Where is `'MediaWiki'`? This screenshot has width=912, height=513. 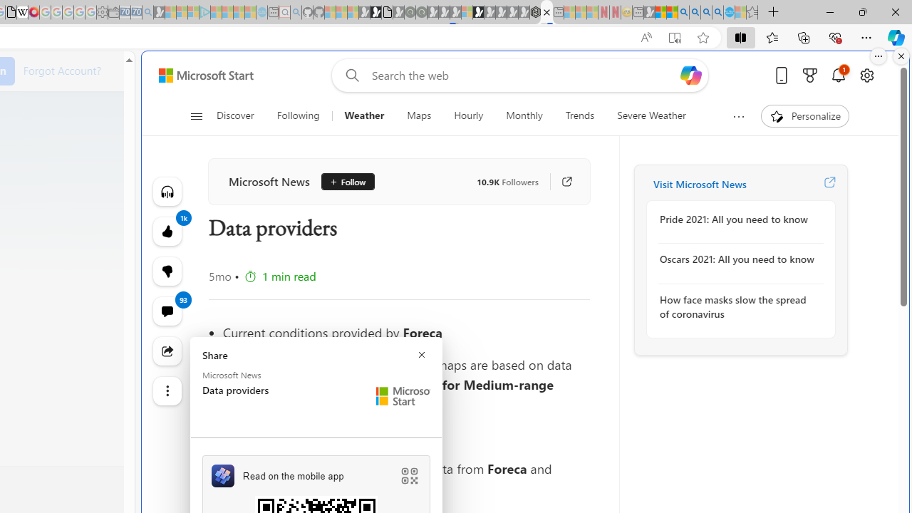
'MediaWiki' is located at coordinates (33, 12).